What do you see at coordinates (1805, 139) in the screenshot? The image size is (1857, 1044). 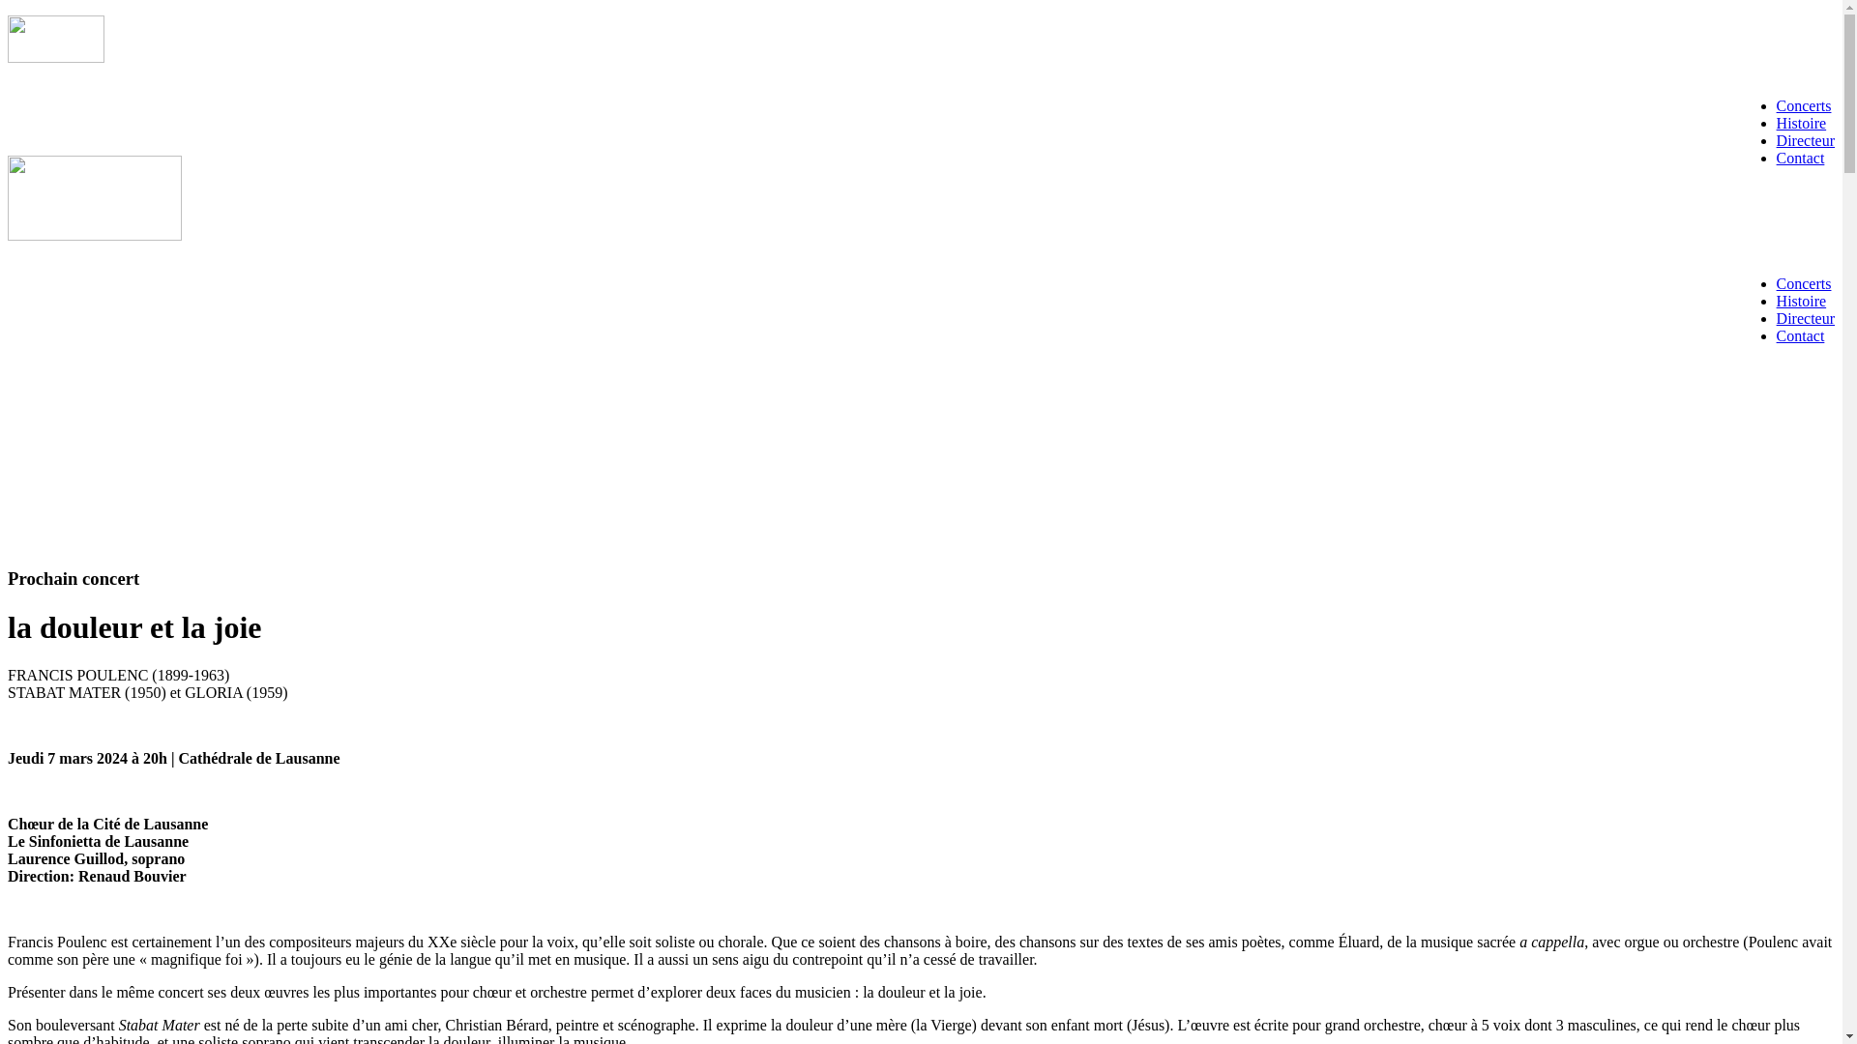 I see `'Directeur'` at bounding box center [1805, 139].